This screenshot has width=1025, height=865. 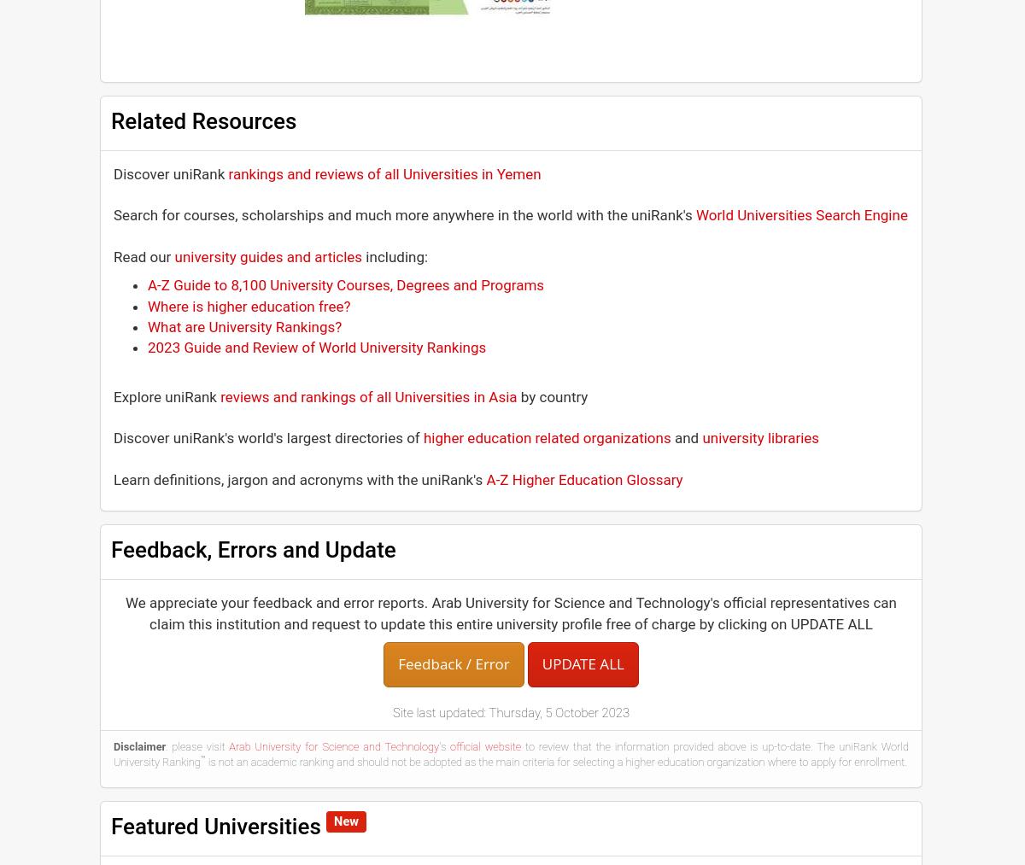 I want to click on 'university libraries', so click(x=759, y=437).